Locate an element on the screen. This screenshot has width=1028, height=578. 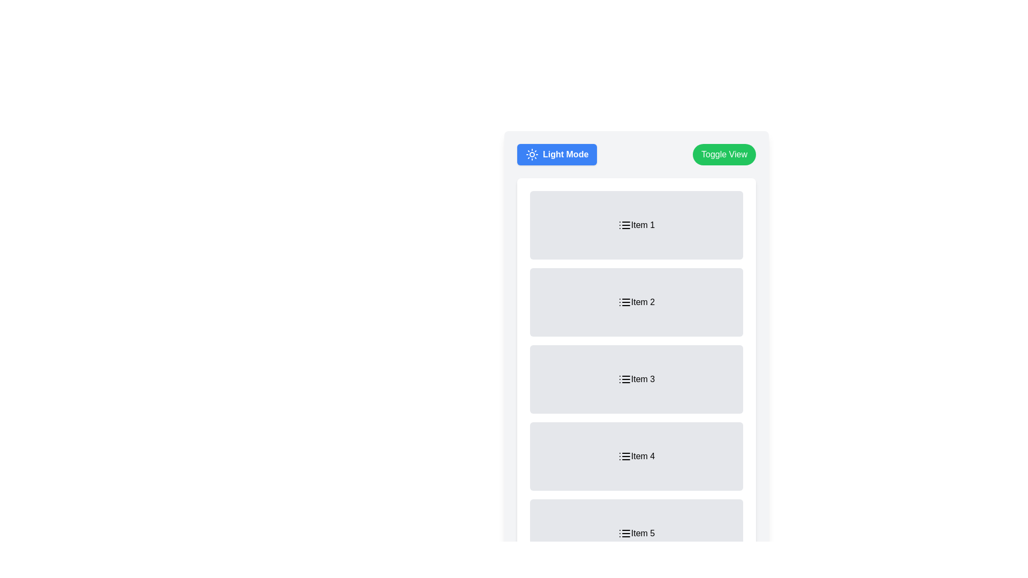
the 'Light Mode' button which has a blue background, white text, and a sun icon on the left is located at coordinates (557, 155).